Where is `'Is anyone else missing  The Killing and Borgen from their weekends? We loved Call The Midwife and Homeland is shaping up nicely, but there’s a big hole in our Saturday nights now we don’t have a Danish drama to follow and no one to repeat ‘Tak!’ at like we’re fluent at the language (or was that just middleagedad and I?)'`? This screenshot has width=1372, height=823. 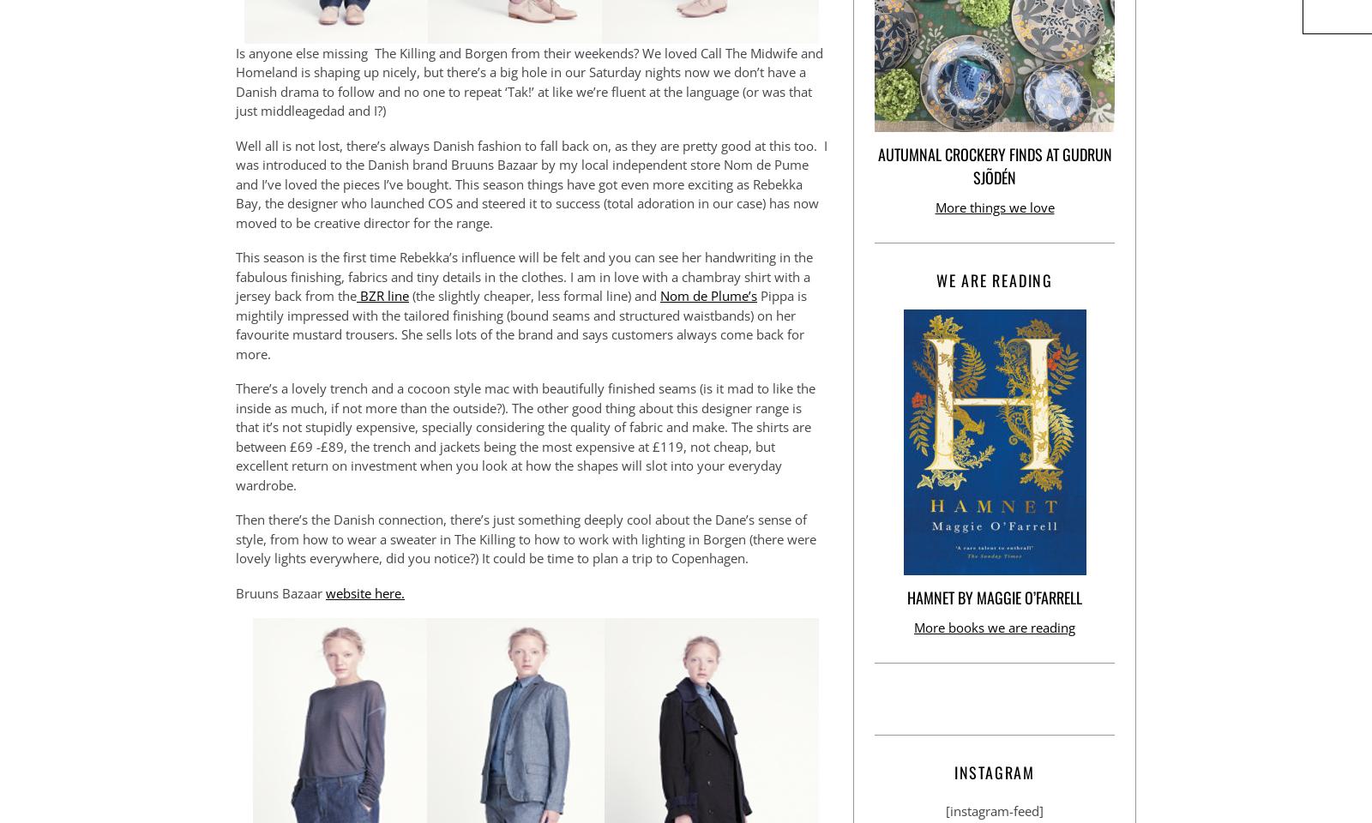 'Is anyone else missing  The Killing and Borgen from their weekends? We loved Call The Midwife and Homeland is shaping up nicely, but there’s a big hole in our Saturday nights now we don’t have a Danish drama to follow and no one to repeat ‘Tak!’ at like we’re fluent at the language (or was that just middleagedad and I?)' is located at coordinates (529, 81).